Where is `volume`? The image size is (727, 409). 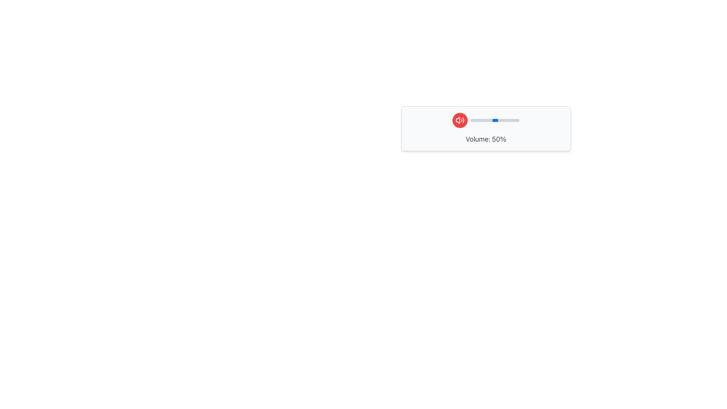 volume is located at coordinates (507, 120).